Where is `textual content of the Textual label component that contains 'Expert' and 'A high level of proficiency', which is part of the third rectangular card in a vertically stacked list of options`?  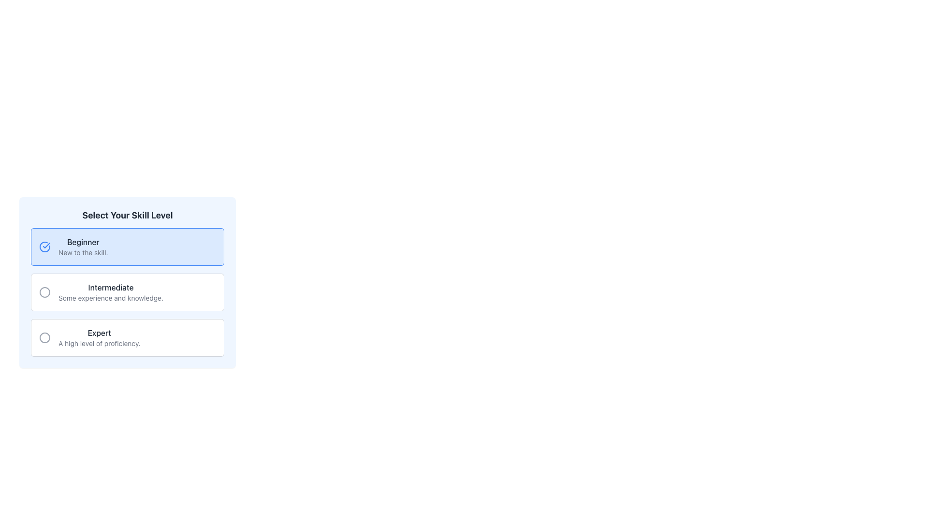 textual content of the Textual label component that contains 'Expert' and 'A high level of proficiency', which is part of the third rectangular card in a vertically stacked list of options is located at coordinates (99, 337).